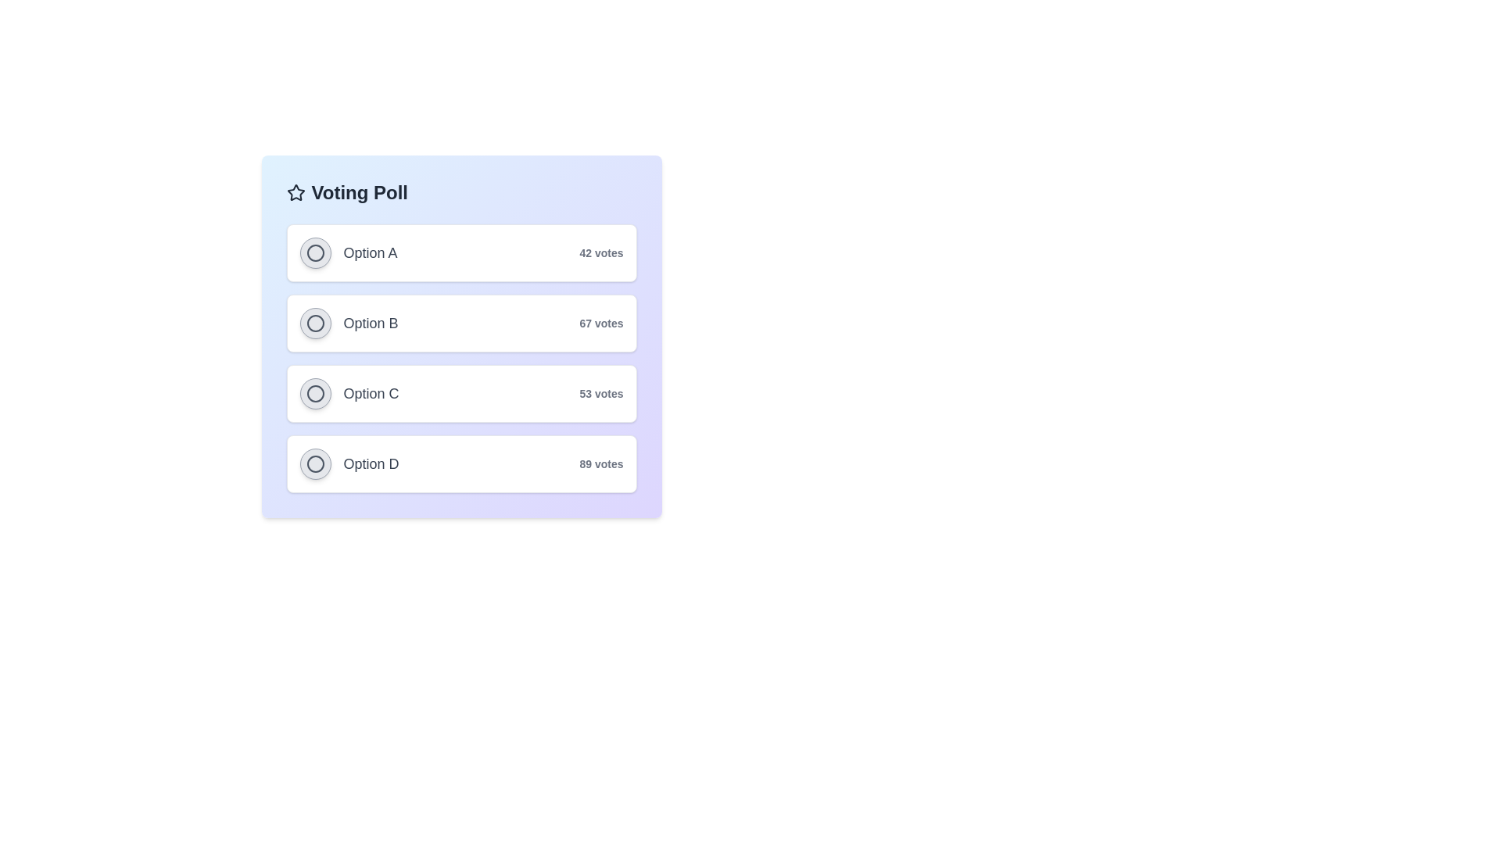  What do you see at coordinates (296, 191) in the screenshot?
I see `the decorative icon located to the left of the 'Voting Poll' title, which serves` at bounding box center [296, 191].